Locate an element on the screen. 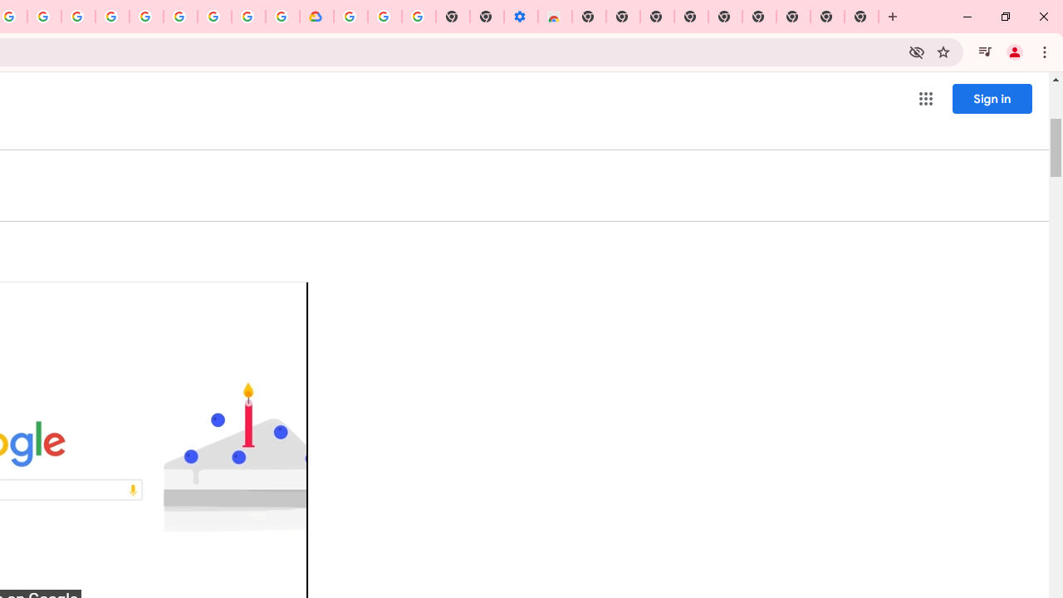  'Google Account Help' is located at coordinates (384, 17).